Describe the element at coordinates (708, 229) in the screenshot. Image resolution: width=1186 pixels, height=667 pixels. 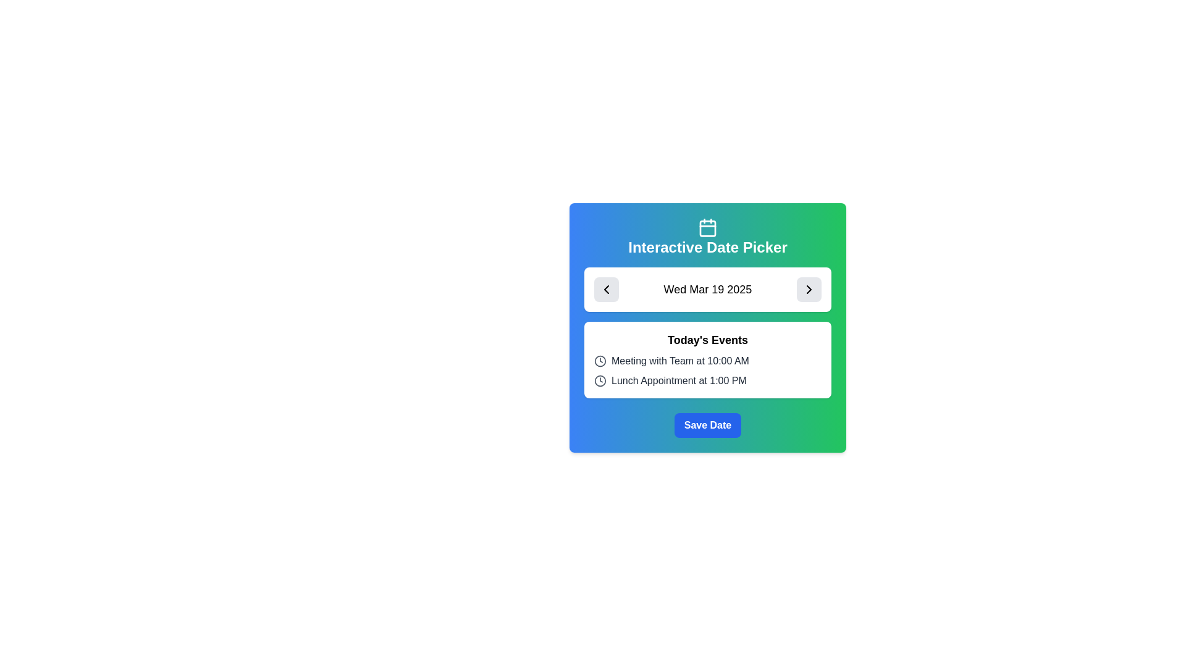
I see `the teal rounded rectangle element located centrally within the calendar icon in the header of the Interactive Date Picker` at that location.